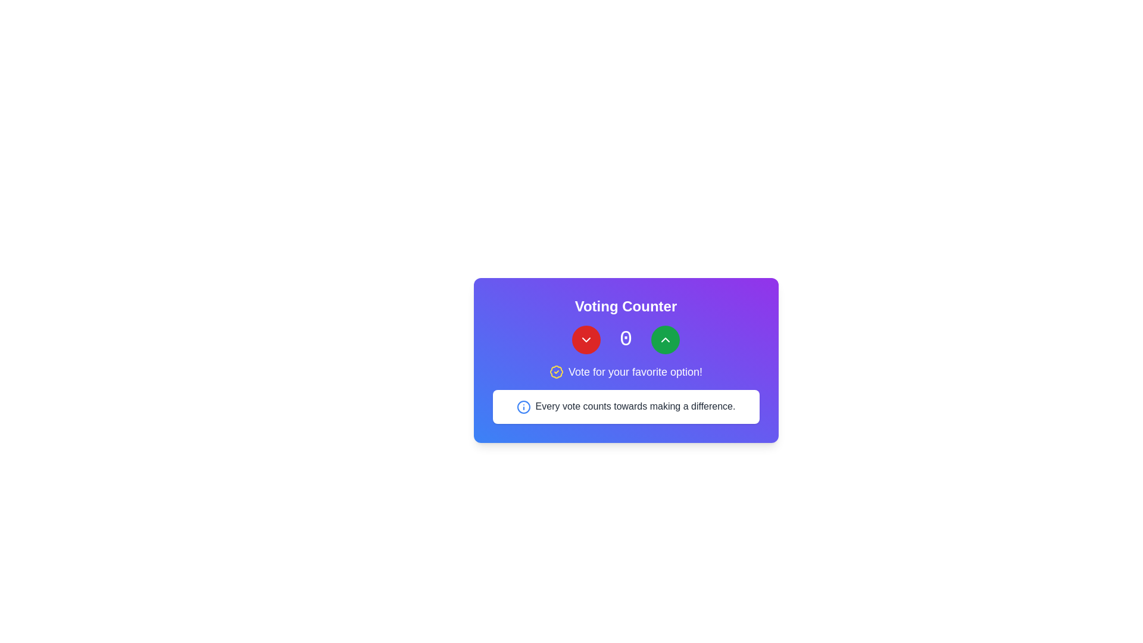 This screenshot has height=643, width=1143. What do you see at coordinates (625, 339) in the screenshot?
I see `the central numeric display in the voting interface, which is styled with a monospaced font and positioned between the red downward arrow button and the green upward arrow button` at bounding box center [625, 339].